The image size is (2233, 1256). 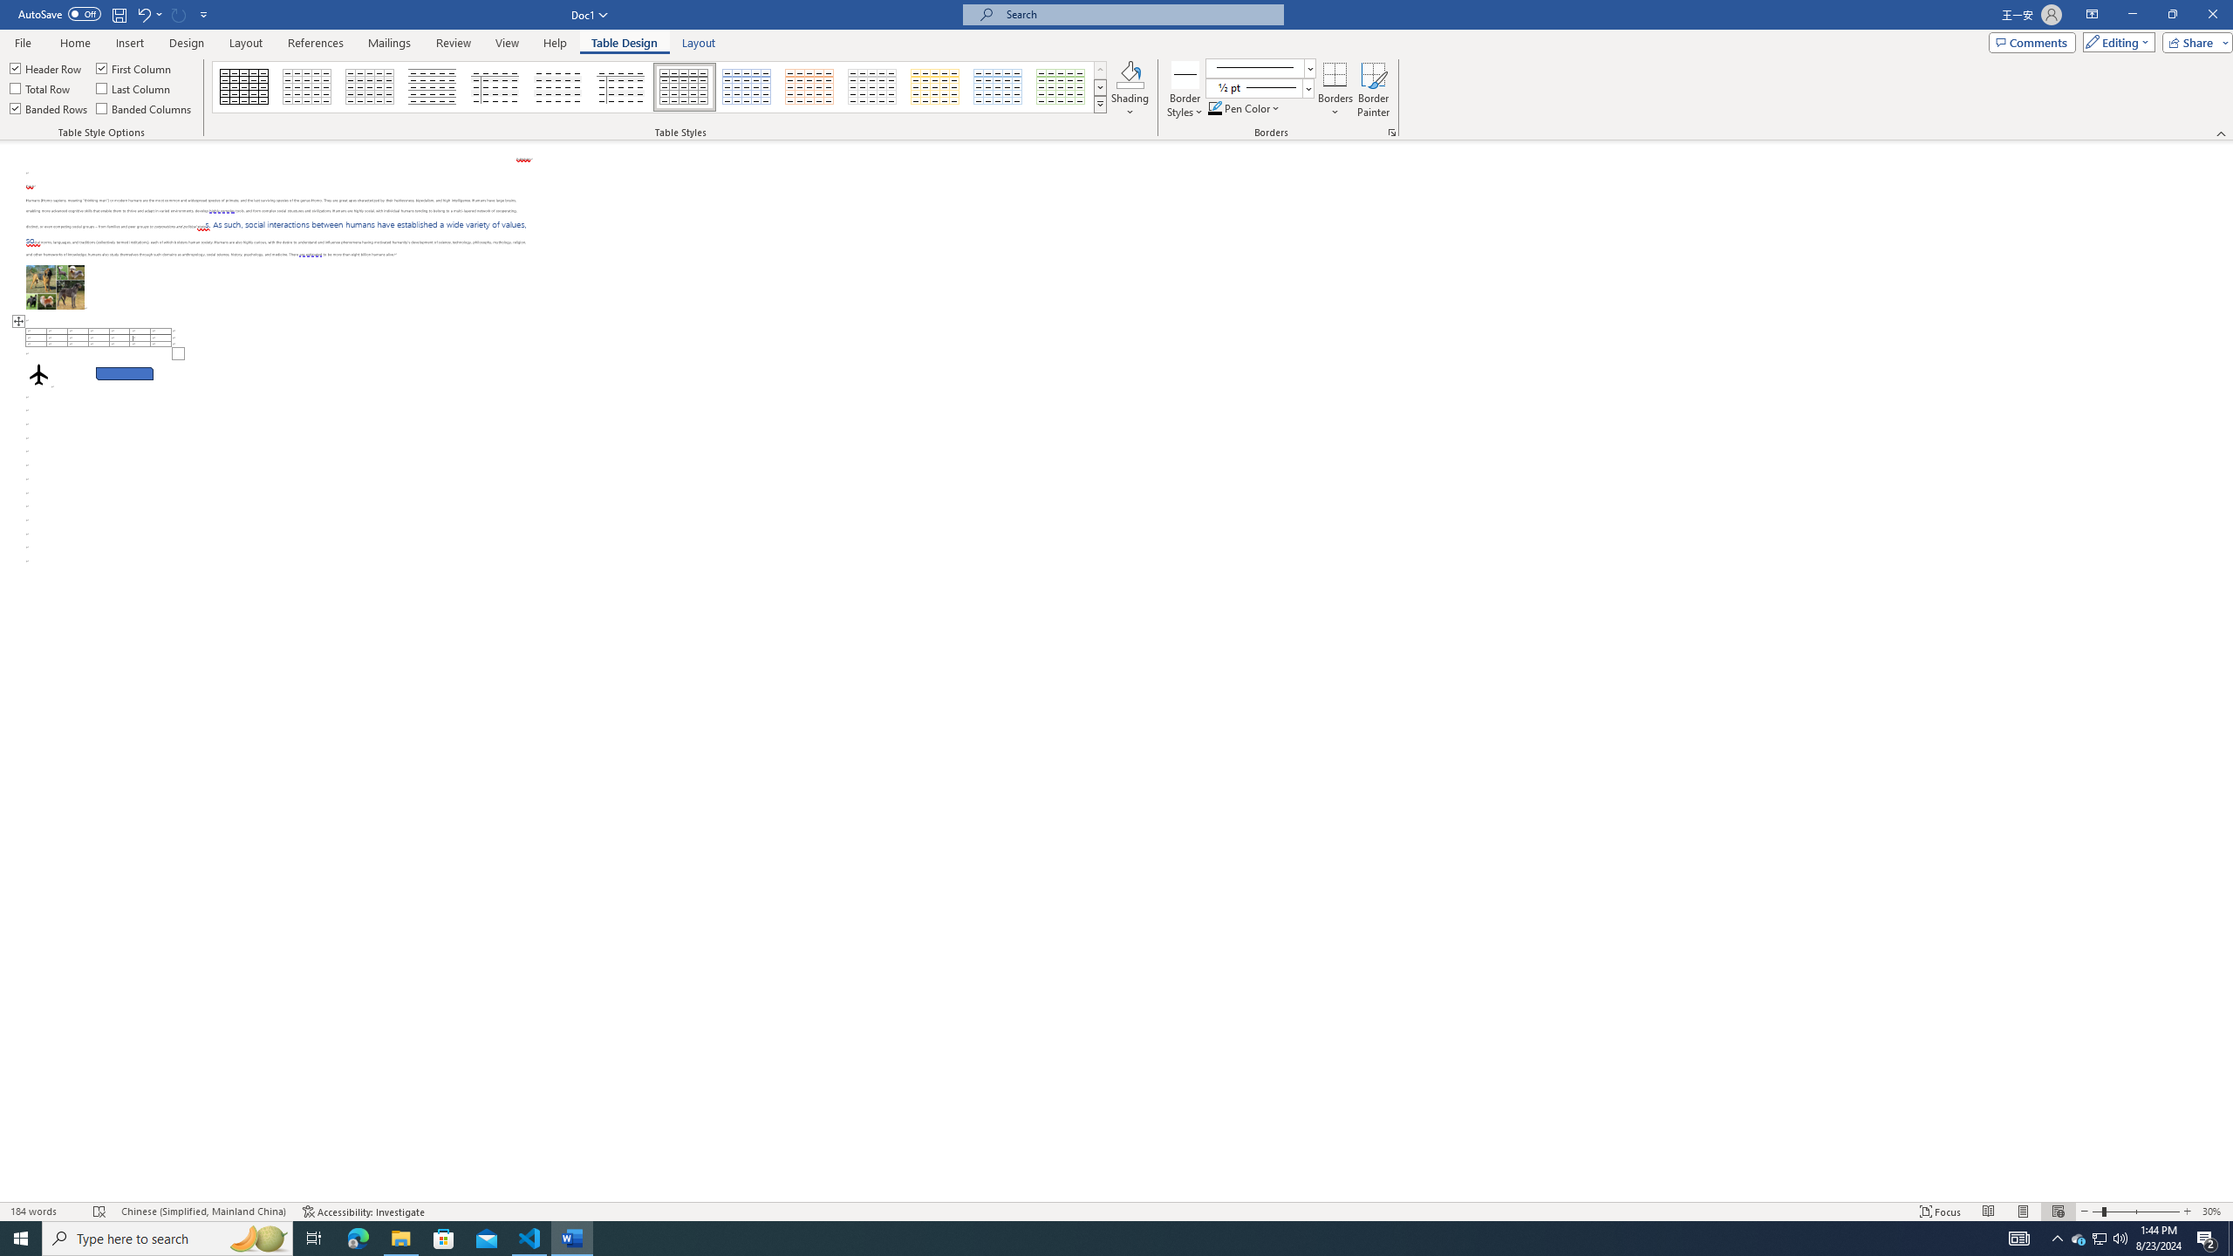 What do you see at coordinates (2115, 41) in the screenshot?
I see `'Editing'` at bounding box center [2115, 41].